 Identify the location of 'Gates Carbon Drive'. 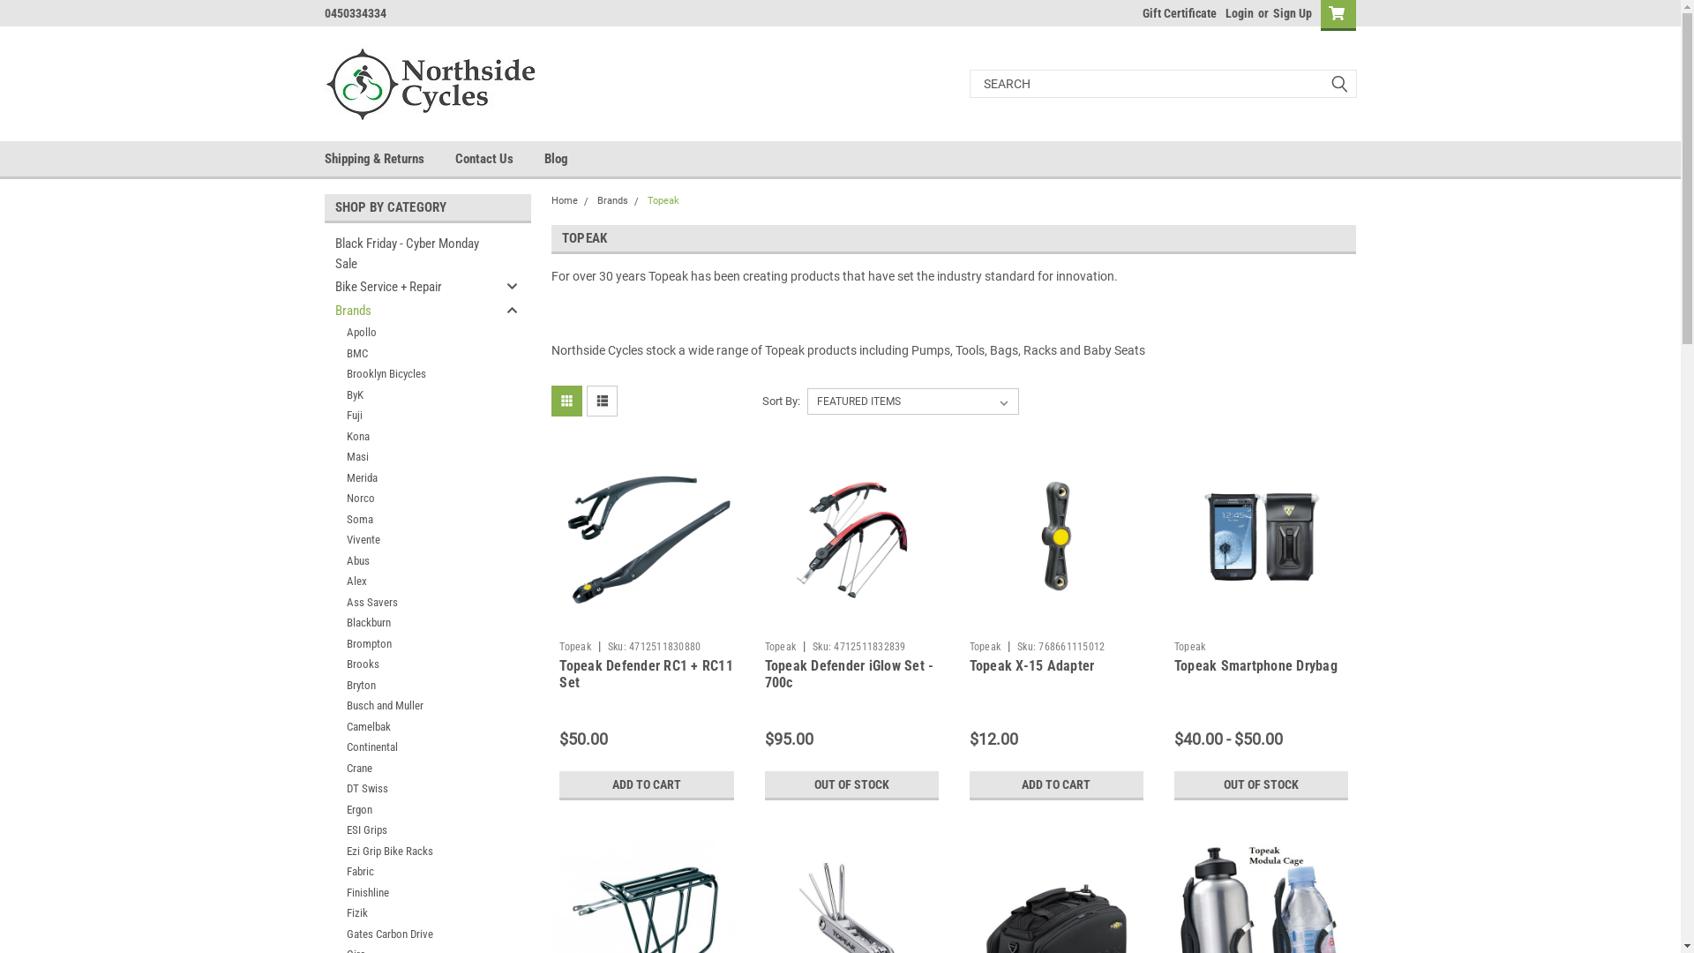
(325, 932).